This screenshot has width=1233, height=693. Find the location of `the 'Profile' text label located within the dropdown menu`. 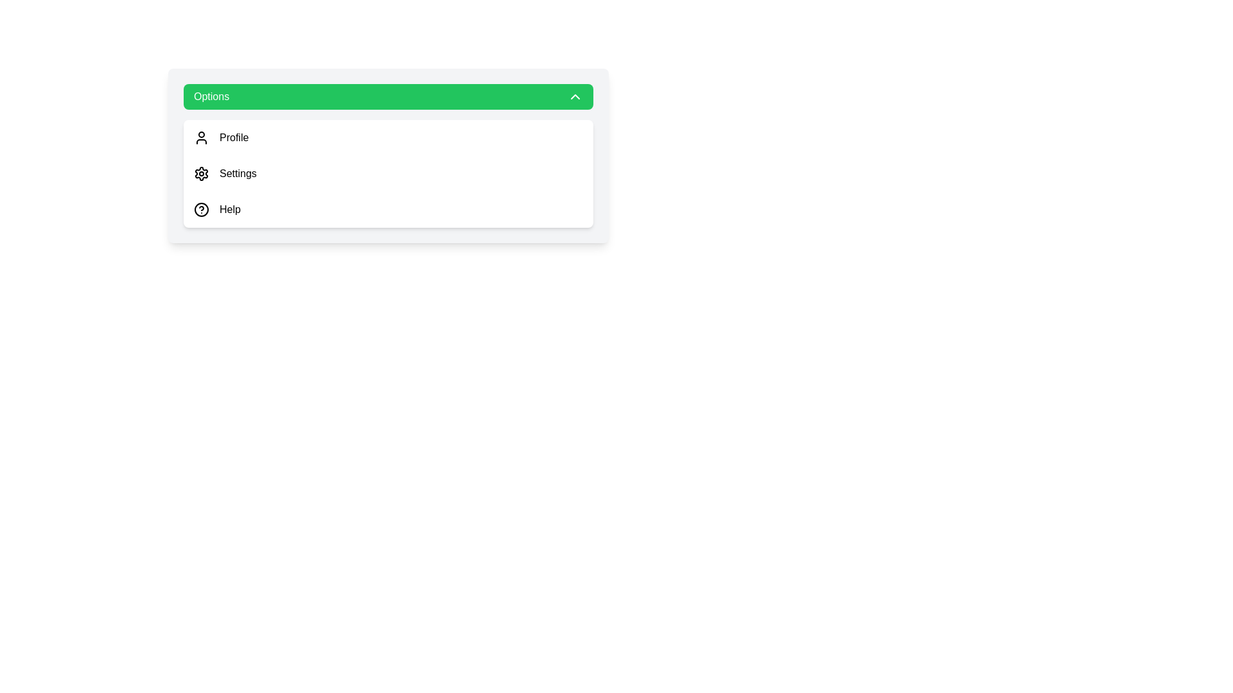

the 'Profile' text label located within the dropdown menu is located at coordinates (234, 138).